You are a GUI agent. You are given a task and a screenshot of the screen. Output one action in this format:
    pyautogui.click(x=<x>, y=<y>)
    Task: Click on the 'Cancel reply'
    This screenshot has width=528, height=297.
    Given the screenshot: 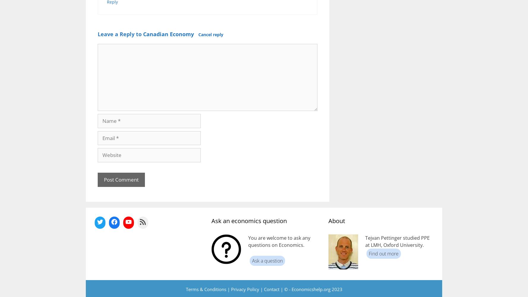 What is the action you would take?
    pyautogui.click(x=198, y=34)
    